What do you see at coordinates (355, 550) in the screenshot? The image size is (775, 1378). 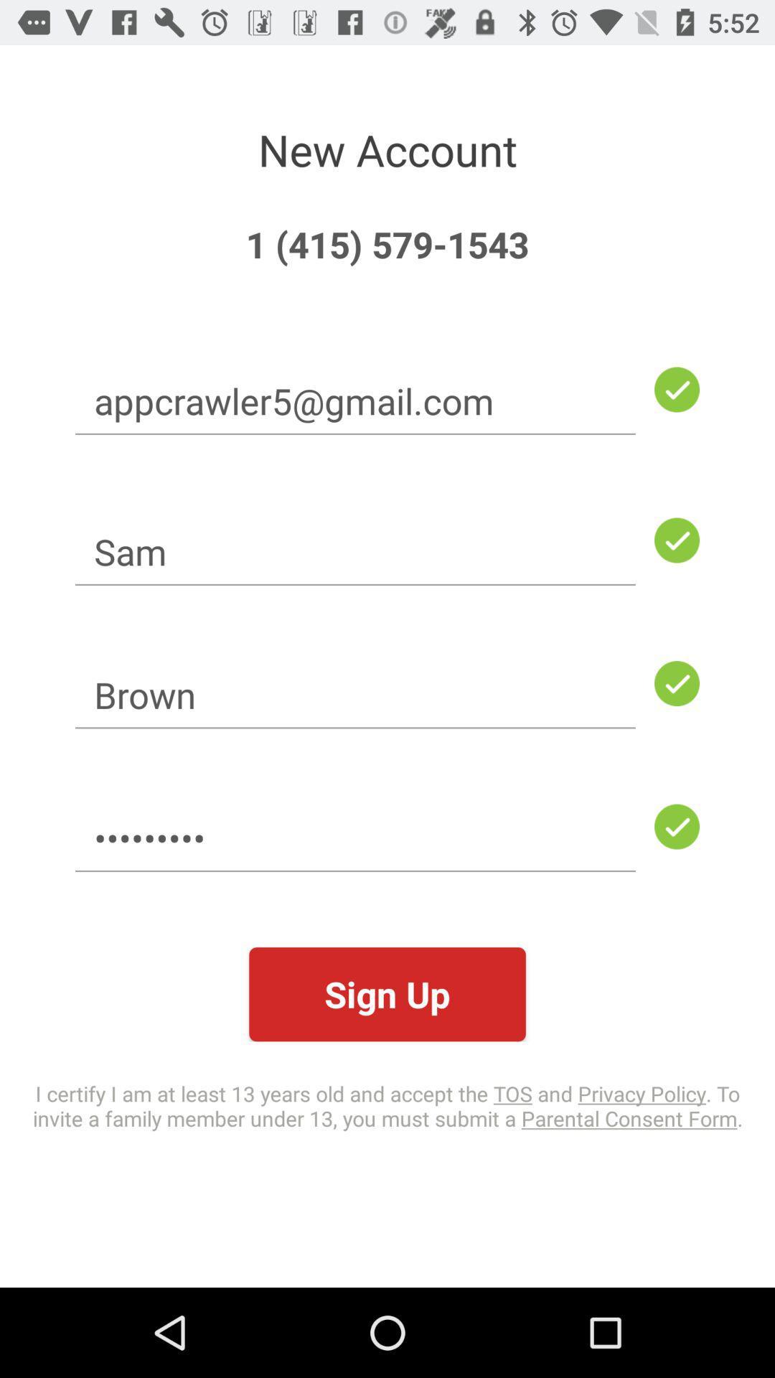 I see `the icon below appcrawler5@gmail.com` at bounding box center [355, 550].